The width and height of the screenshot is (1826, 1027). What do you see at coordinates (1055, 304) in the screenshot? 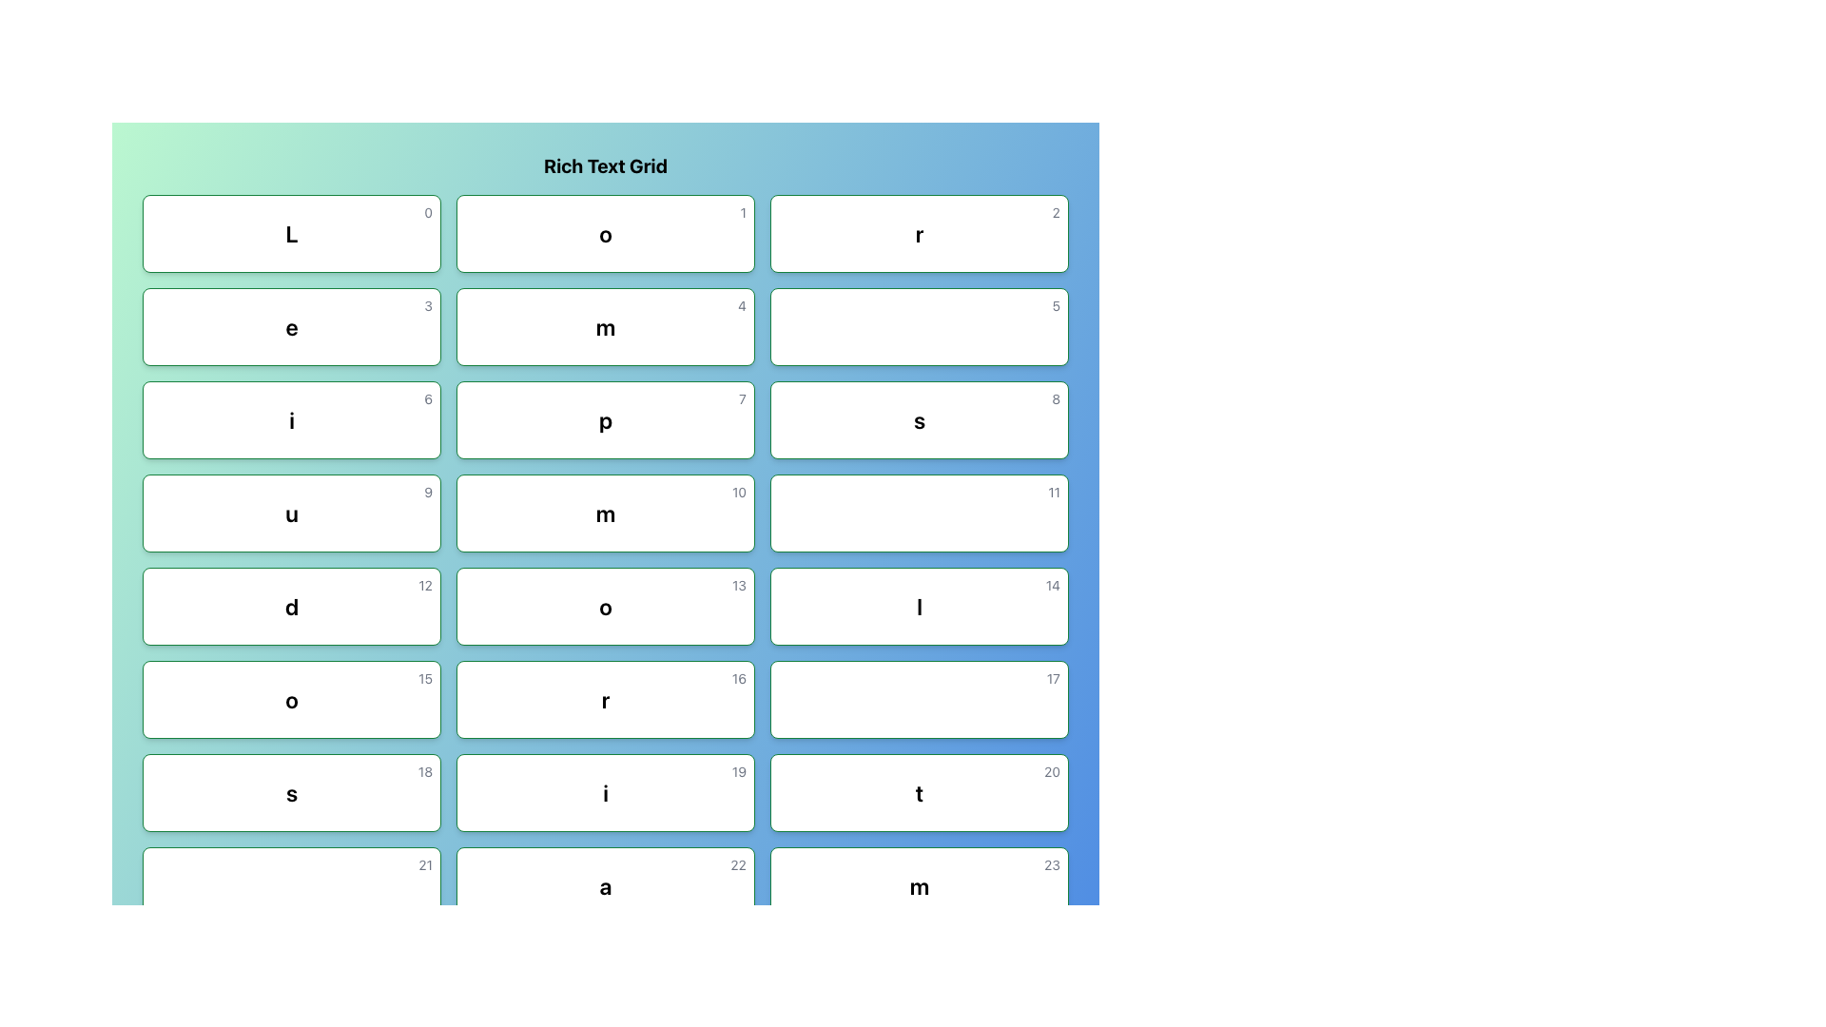
I see `the small numerical text '5' displayed in light gray located at the top-right corner of a white card with green borders and rounded corners in the second column of the second row of a grid layout` at bounding box center [1055, 304].